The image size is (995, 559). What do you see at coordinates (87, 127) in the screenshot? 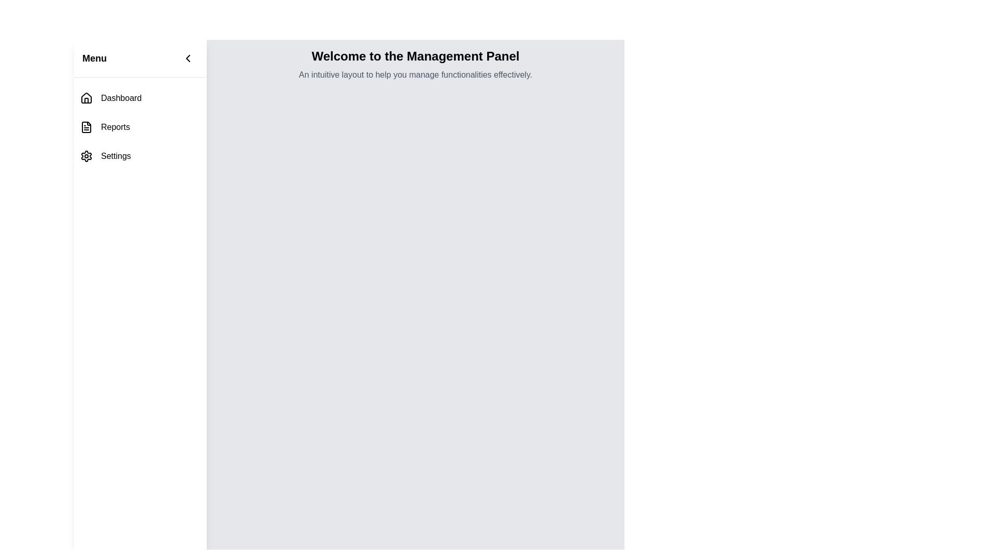
I see `the 'Reports' icon located to the left of the 'Reports' text in the vertical navigation menu` at bounding box center [87, 127].